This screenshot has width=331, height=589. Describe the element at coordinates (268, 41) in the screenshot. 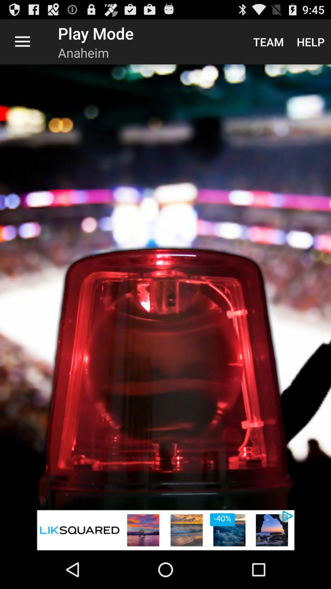

I see `the icon to the left of the help icon` at that location.